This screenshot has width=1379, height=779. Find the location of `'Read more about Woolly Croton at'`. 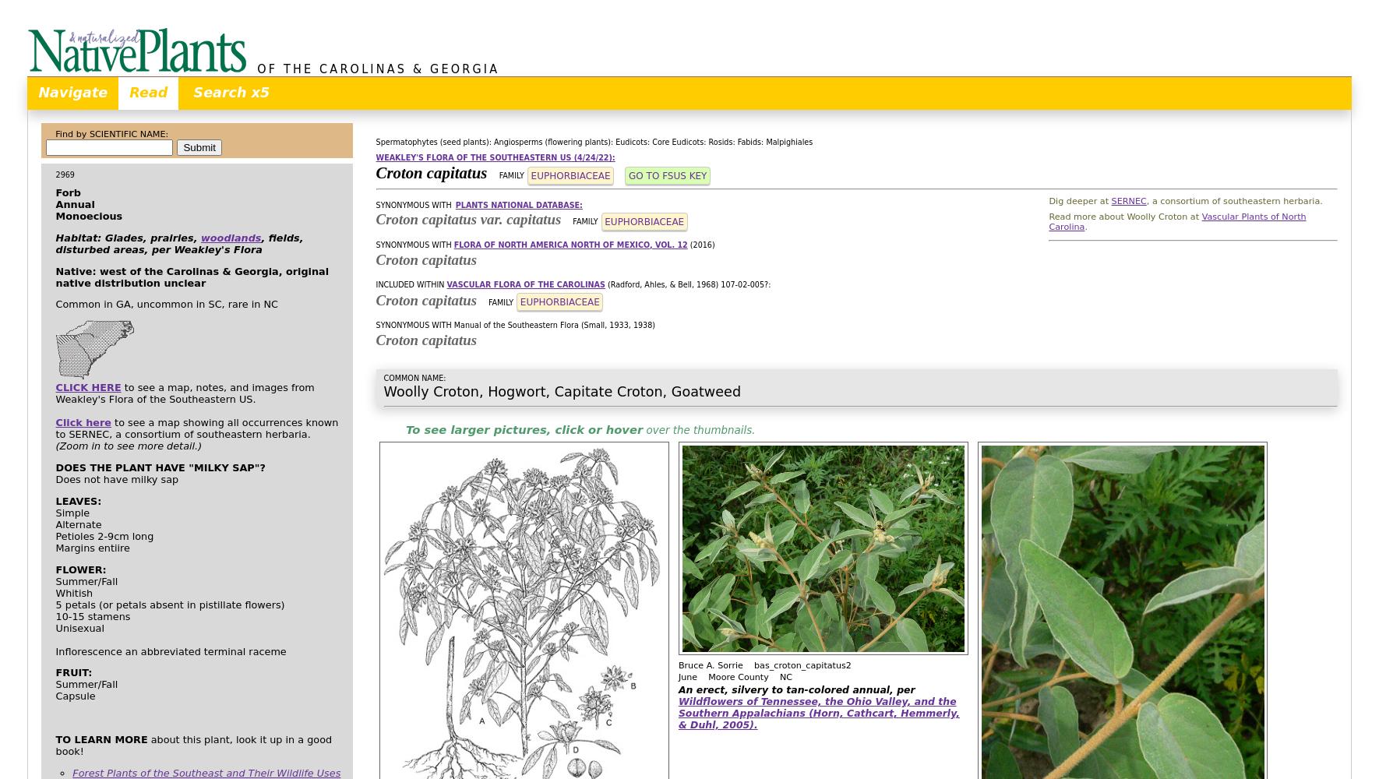

'Read more about Woolly Croton at' is located at coordinates (1124, 216).